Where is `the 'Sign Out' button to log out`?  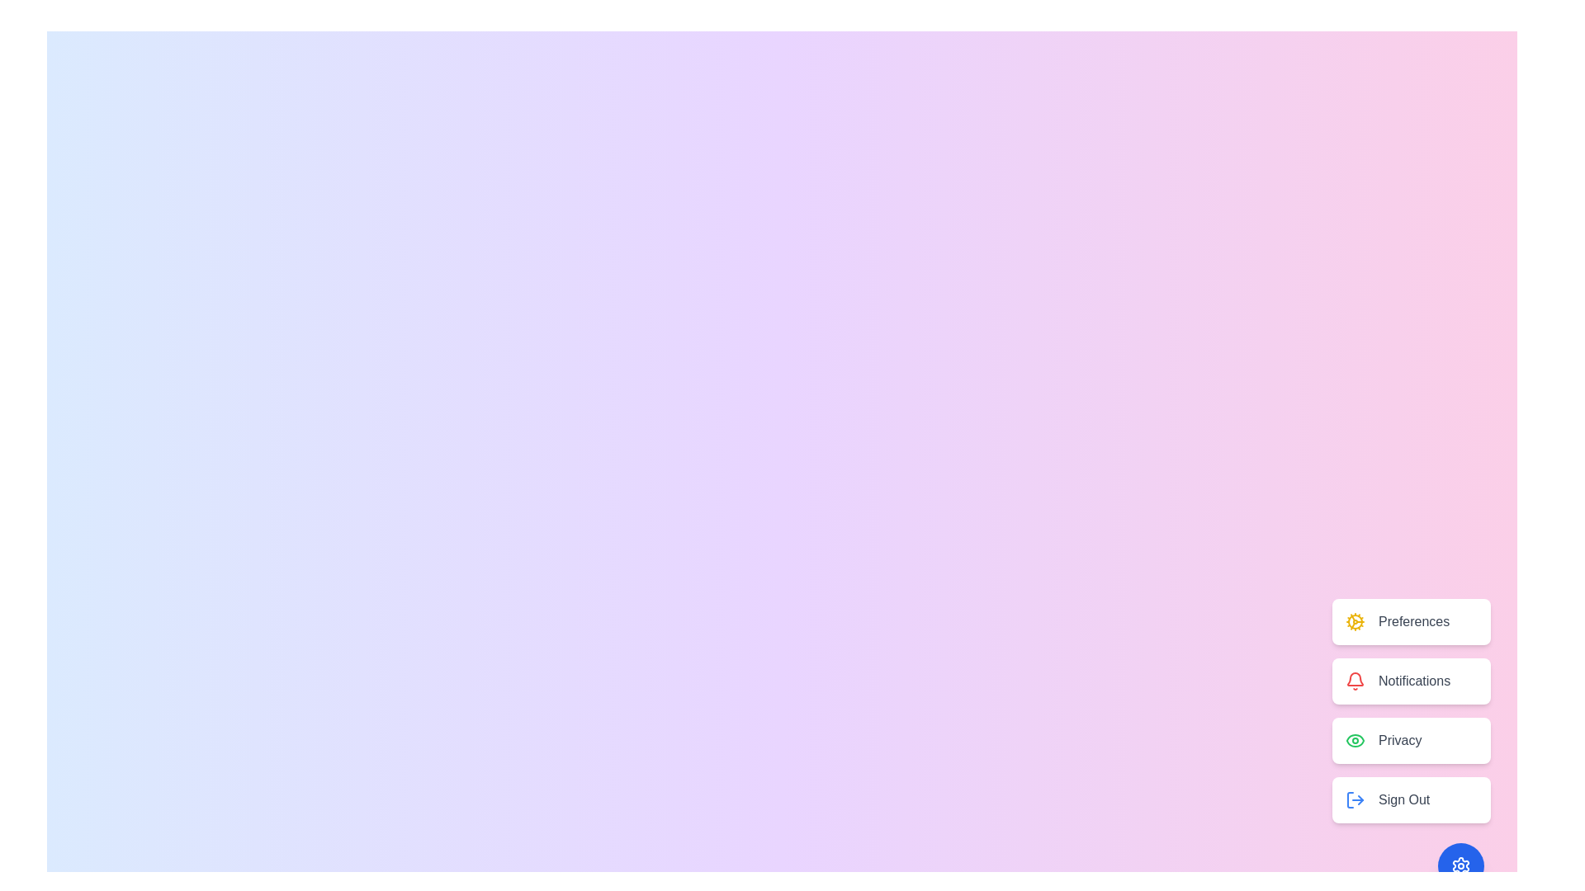 the 'Sign Out' button to log out is located at coordinates (1410, 799).